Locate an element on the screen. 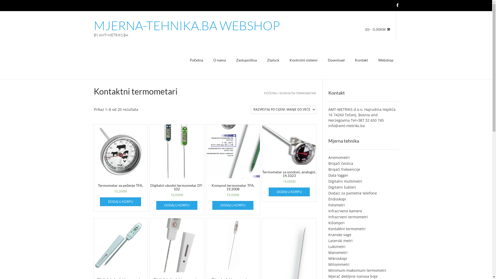 The image size is (496, 279). 'Miliommetri' is located at coordinates (339, 264).